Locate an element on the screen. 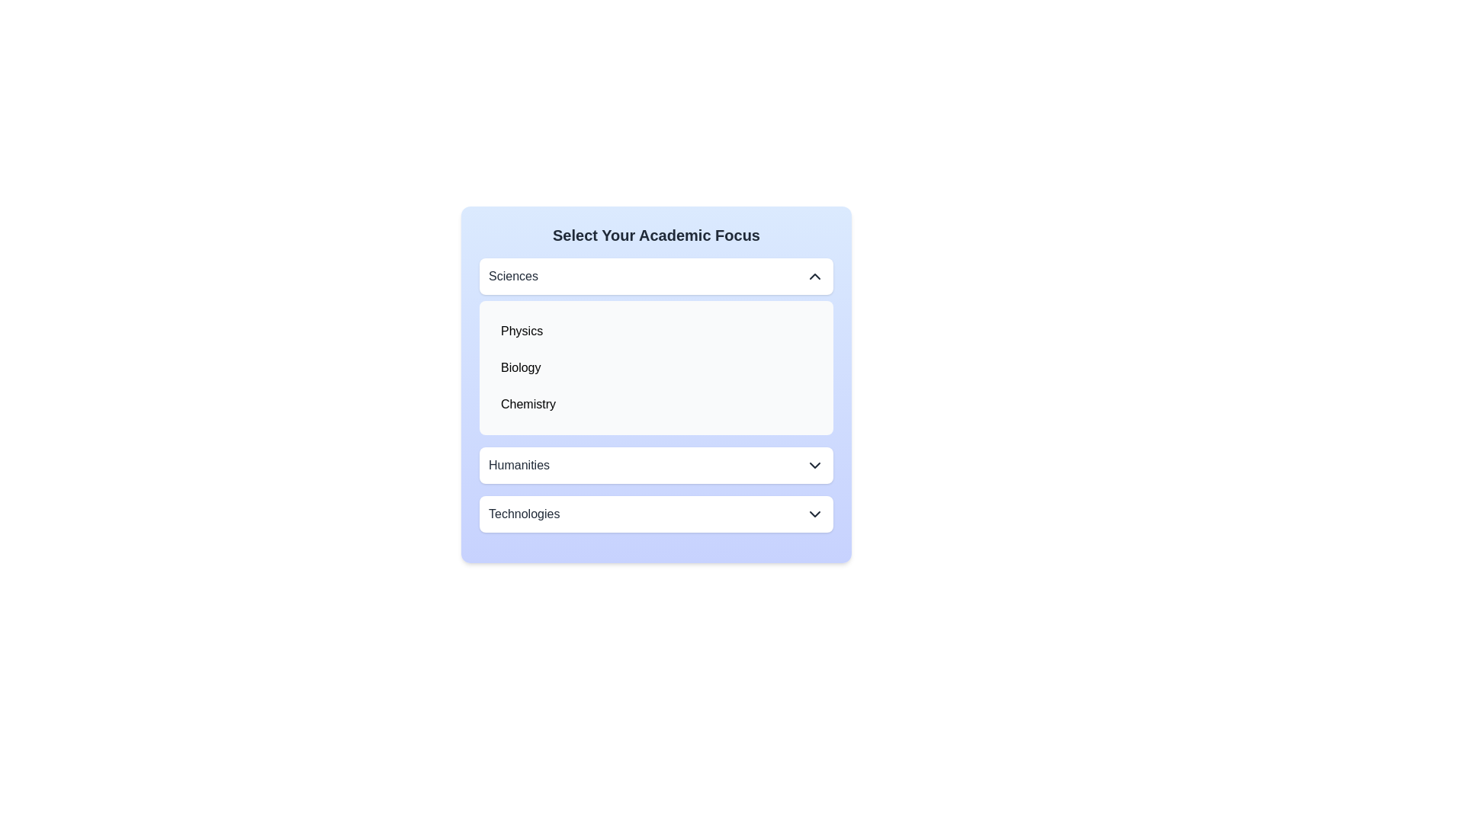 This screenshot has width=1464, height=823. the dropdown content section displaying the subjects 'Physics', 'Biology', and 'Chemistry' is located at coordinates (656, 347).